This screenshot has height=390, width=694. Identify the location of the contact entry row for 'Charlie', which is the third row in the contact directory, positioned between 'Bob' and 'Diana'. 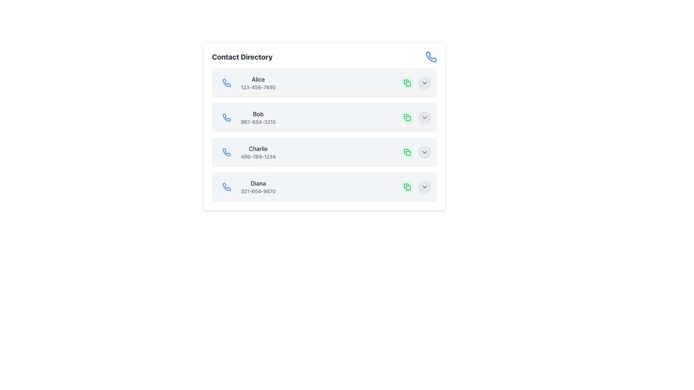
(247, 152).